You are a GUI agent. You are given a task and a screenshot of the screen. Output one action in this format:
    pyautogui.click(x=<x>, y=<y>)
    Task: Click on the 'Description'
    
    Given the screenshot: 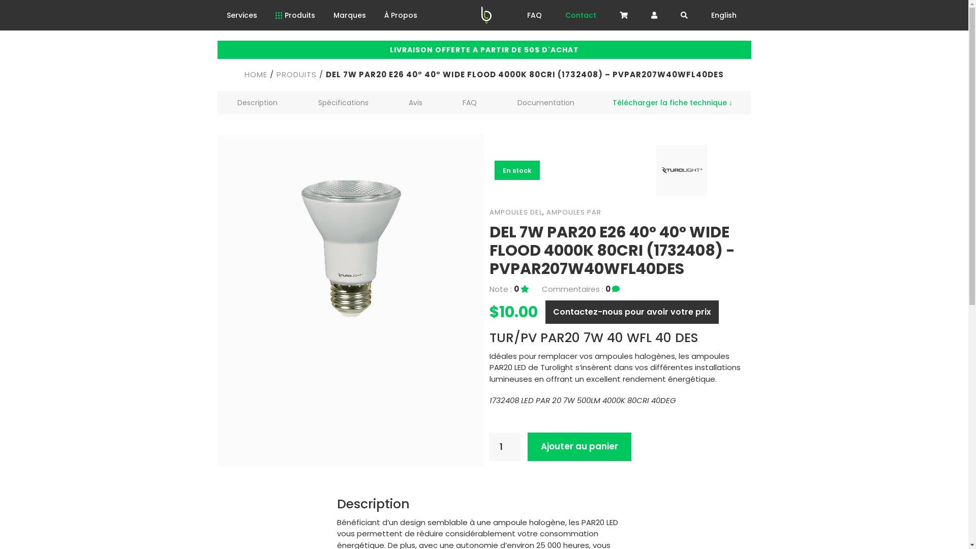 What is the action you would take?
    pyautogui.click(x=257, y=102)
    